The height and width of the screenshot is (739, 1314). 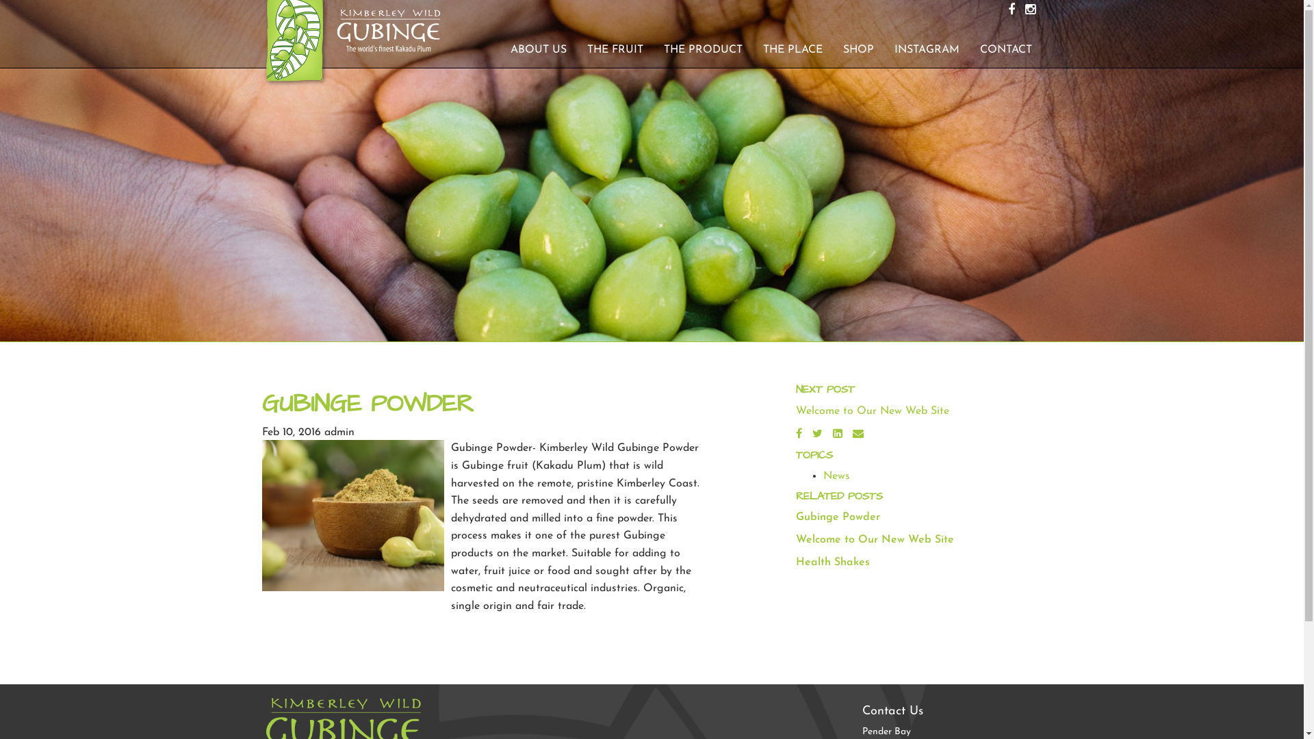 I want to click on 'CONTACT', so click(x=1005, y=49).